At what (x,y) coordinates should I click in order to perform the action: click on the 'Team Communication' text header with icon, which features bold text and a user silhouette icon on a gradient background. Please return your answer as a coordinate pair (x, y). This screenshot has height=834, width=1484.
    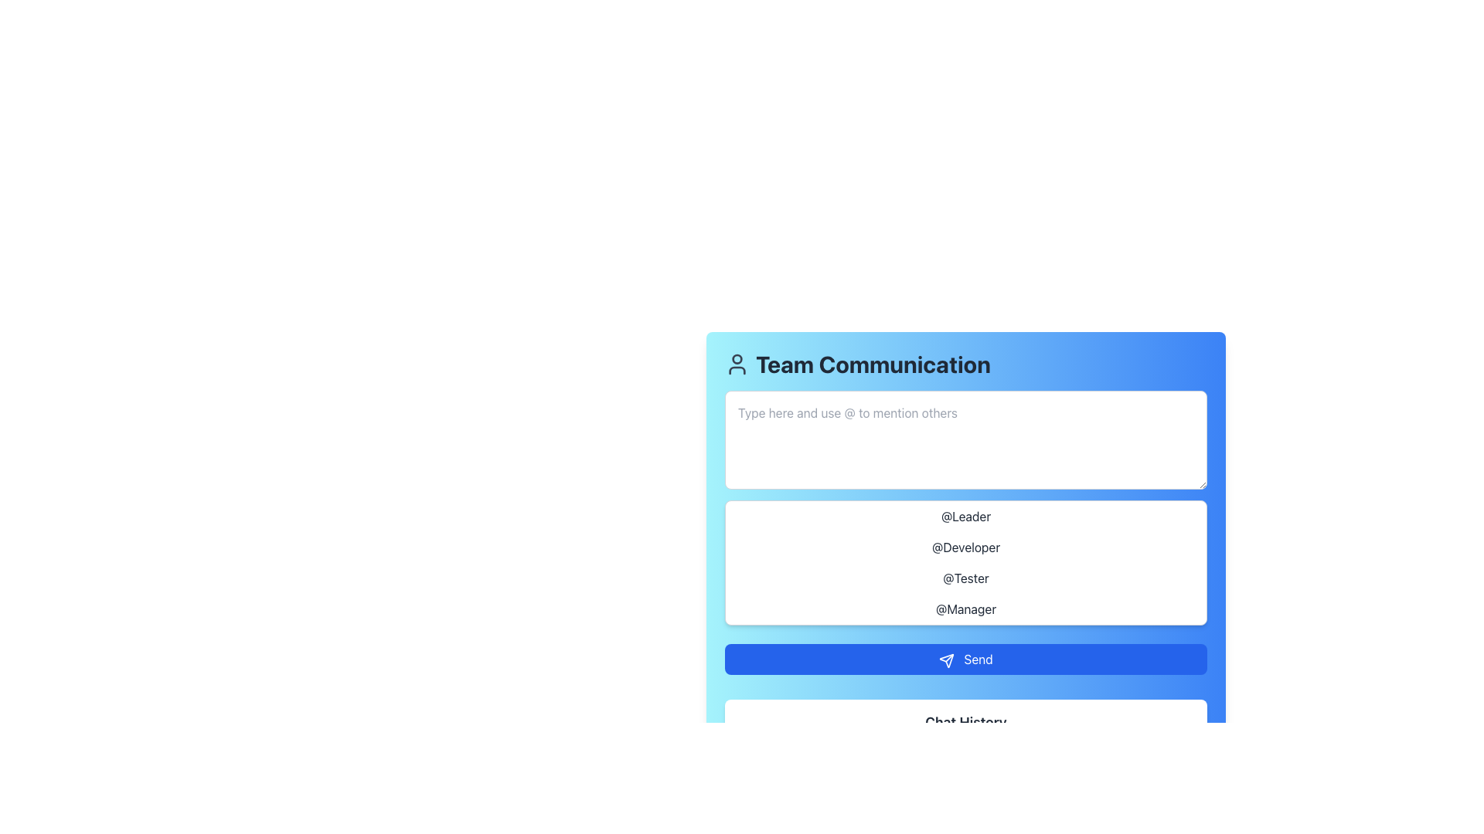
    Looking at the image, I should click on (965, 364).